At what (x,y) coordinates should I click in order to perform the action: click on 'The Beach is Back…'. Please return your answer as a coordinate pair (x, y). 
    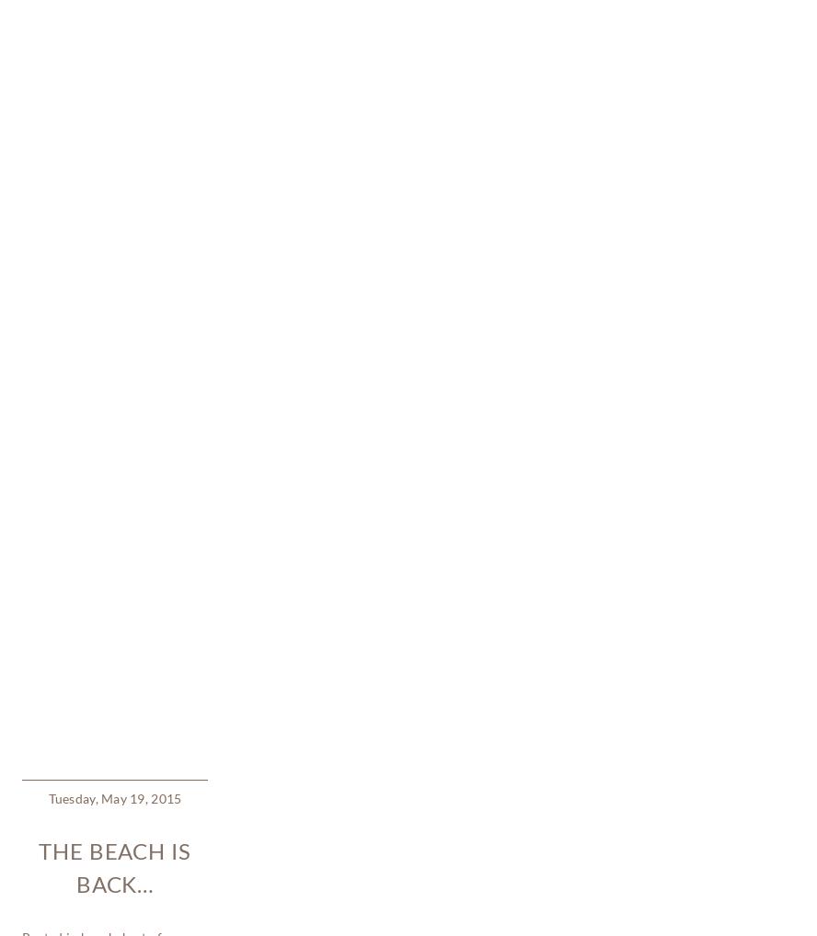
    Looking at the image, I should click on (114, 314).